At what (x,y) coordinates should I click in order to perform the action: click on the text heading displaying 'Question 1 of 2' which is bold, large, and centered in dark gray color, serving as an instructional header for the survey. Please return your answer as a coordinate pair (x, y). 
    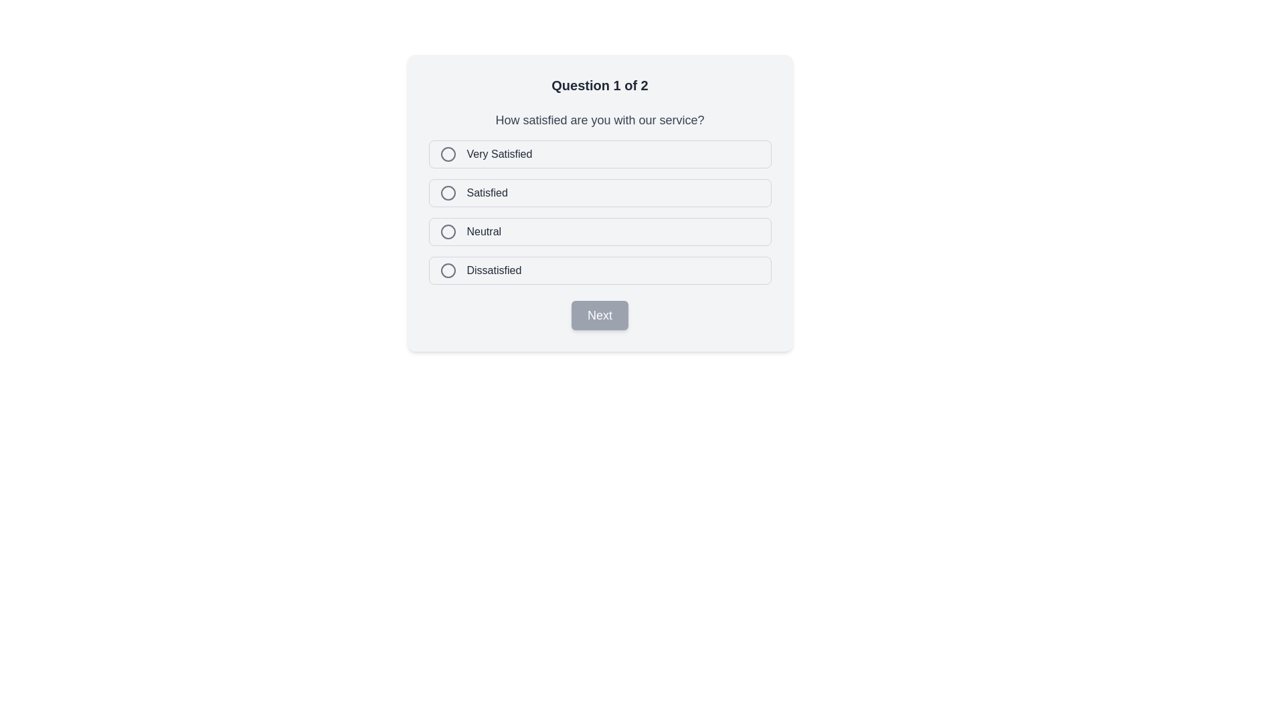
    Looking at the image, I should click on (599, 85).